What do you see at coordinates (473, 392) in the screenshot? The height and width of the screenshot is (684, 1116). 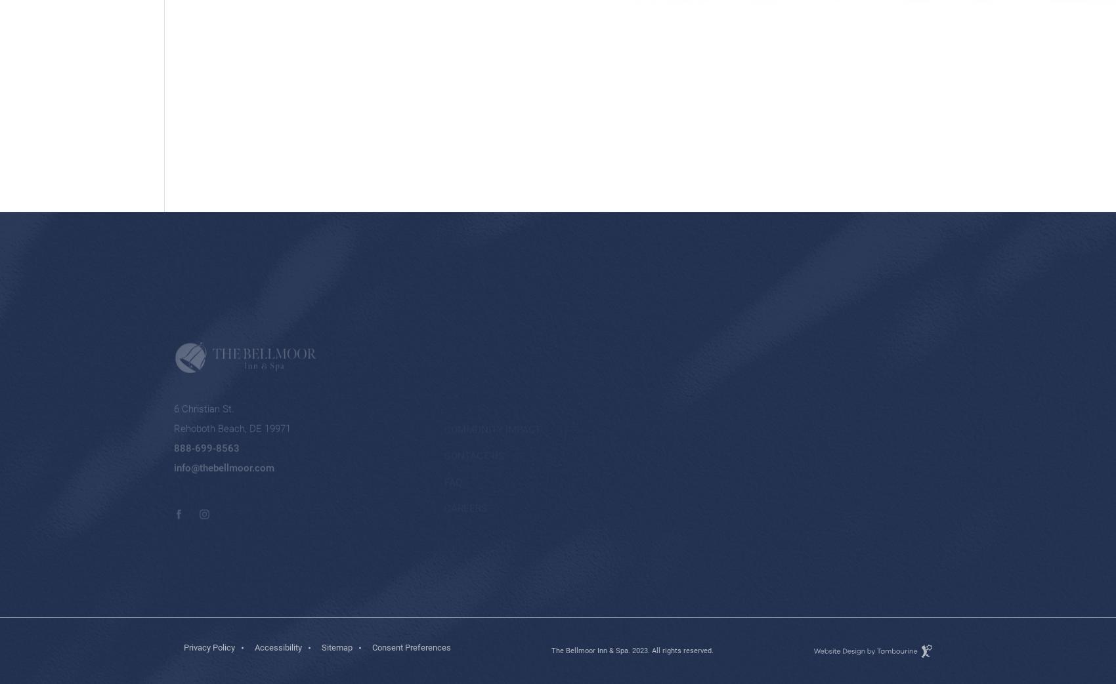 I see `'Contact Us'` at bounding box center [473, 392].